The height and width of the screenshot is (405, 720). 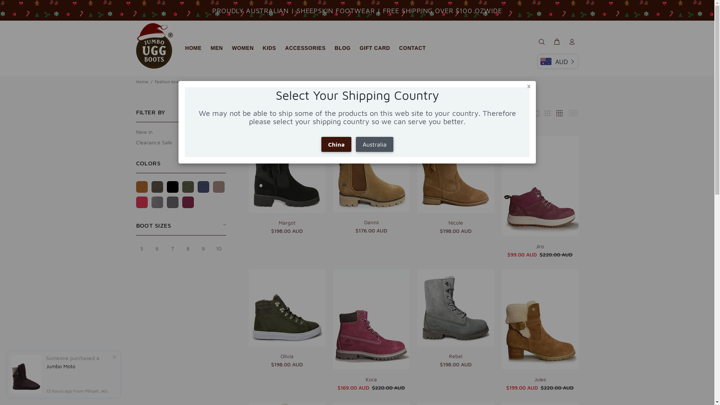 I want to click on 'BLOG', so click(x=342, y=48).